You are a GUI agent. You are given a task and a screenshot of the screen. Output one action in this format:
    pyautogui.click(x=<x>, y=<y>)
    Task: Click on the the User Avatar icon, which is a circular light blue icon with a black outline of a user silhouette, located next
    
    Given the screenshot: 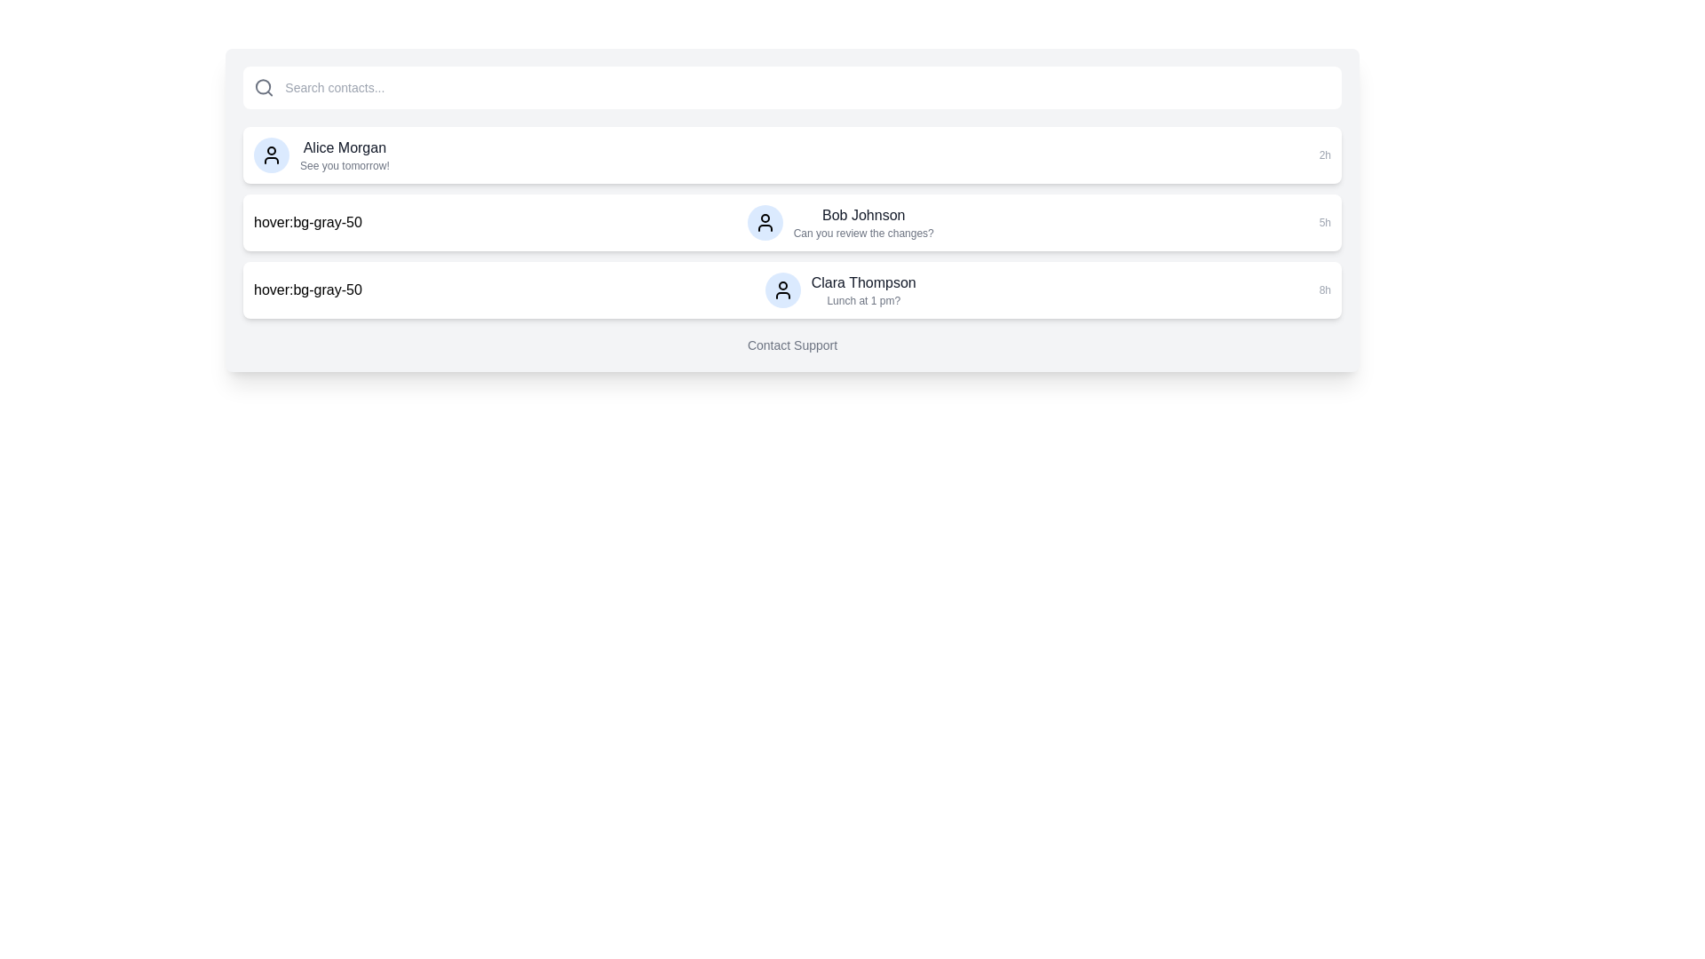 What is the action you would take?
    pyautogui.click(x=781, y=289)
    